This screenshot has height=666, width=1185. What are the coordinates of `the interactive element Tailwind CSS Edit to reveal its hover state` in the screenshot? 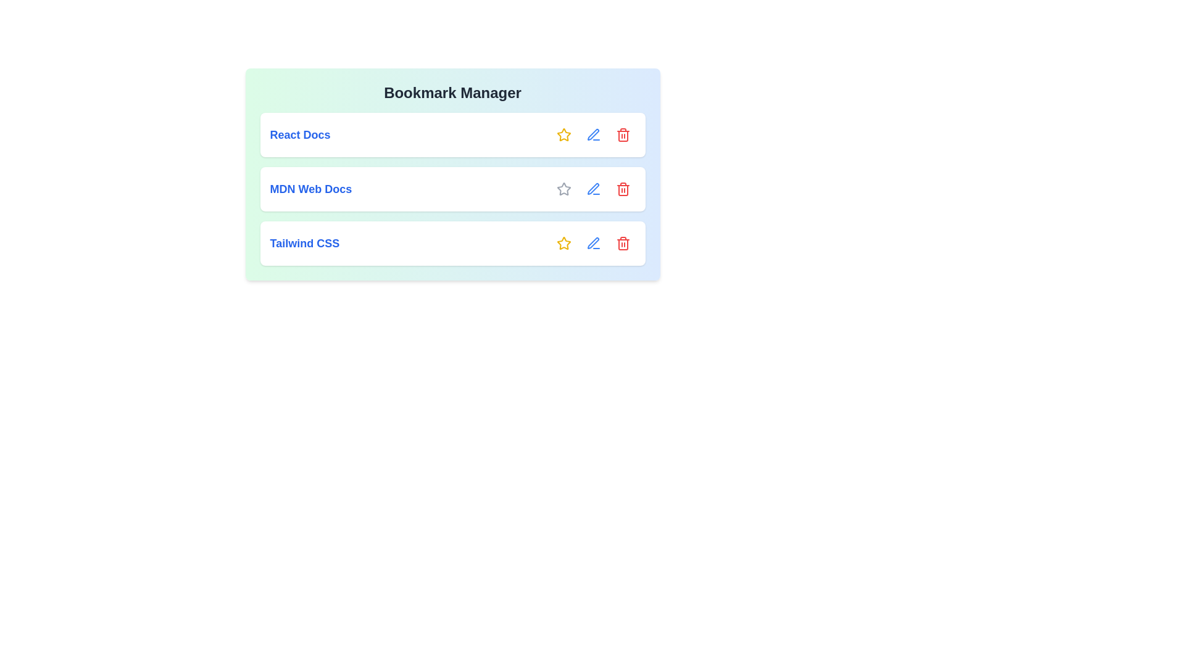 It's located at (593, 243).